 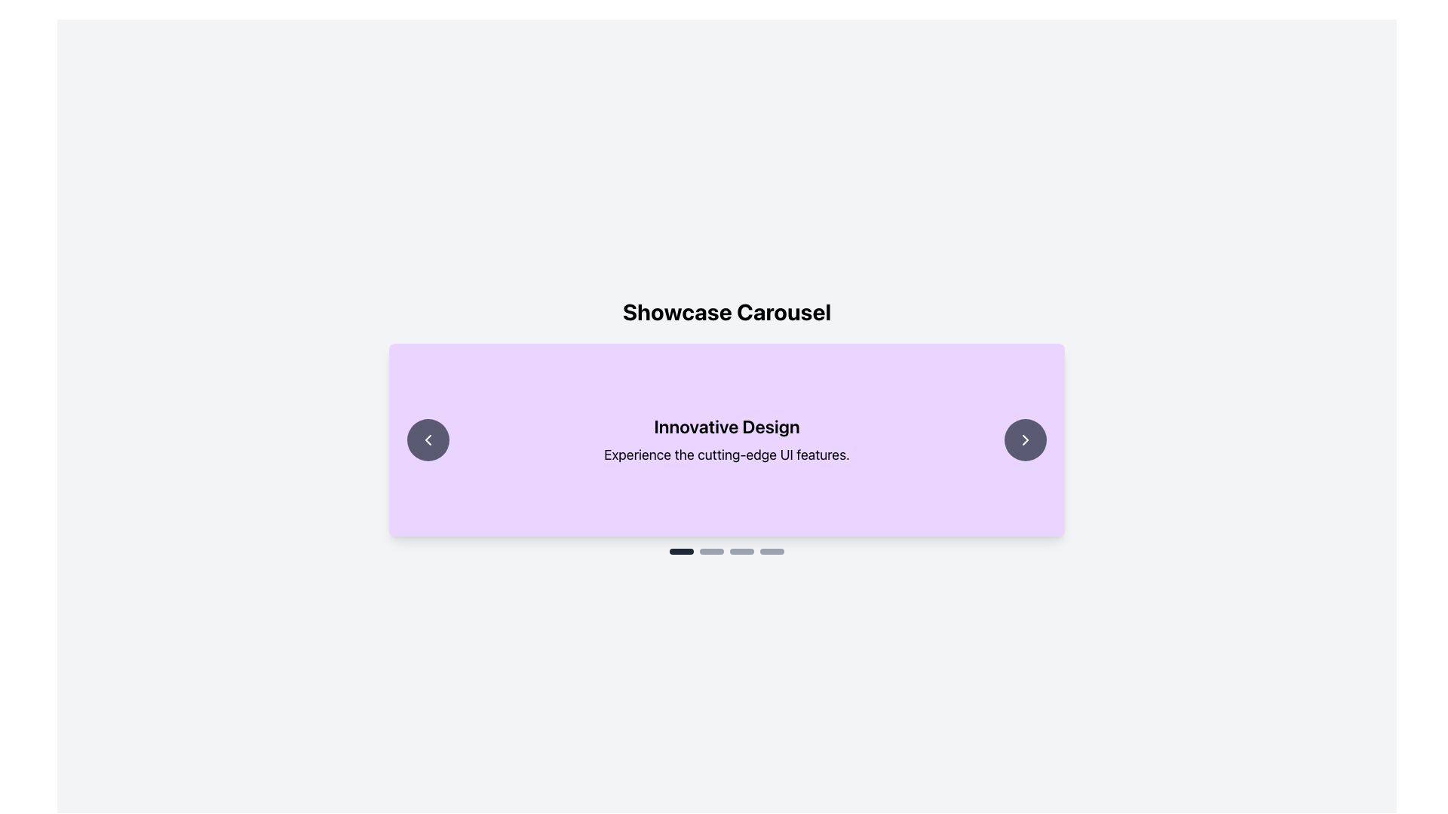 I want to click on the button located on the left side of the horizontal showcase carousel that navigates to the previous item in the showcase, so click(x=427, y=439).